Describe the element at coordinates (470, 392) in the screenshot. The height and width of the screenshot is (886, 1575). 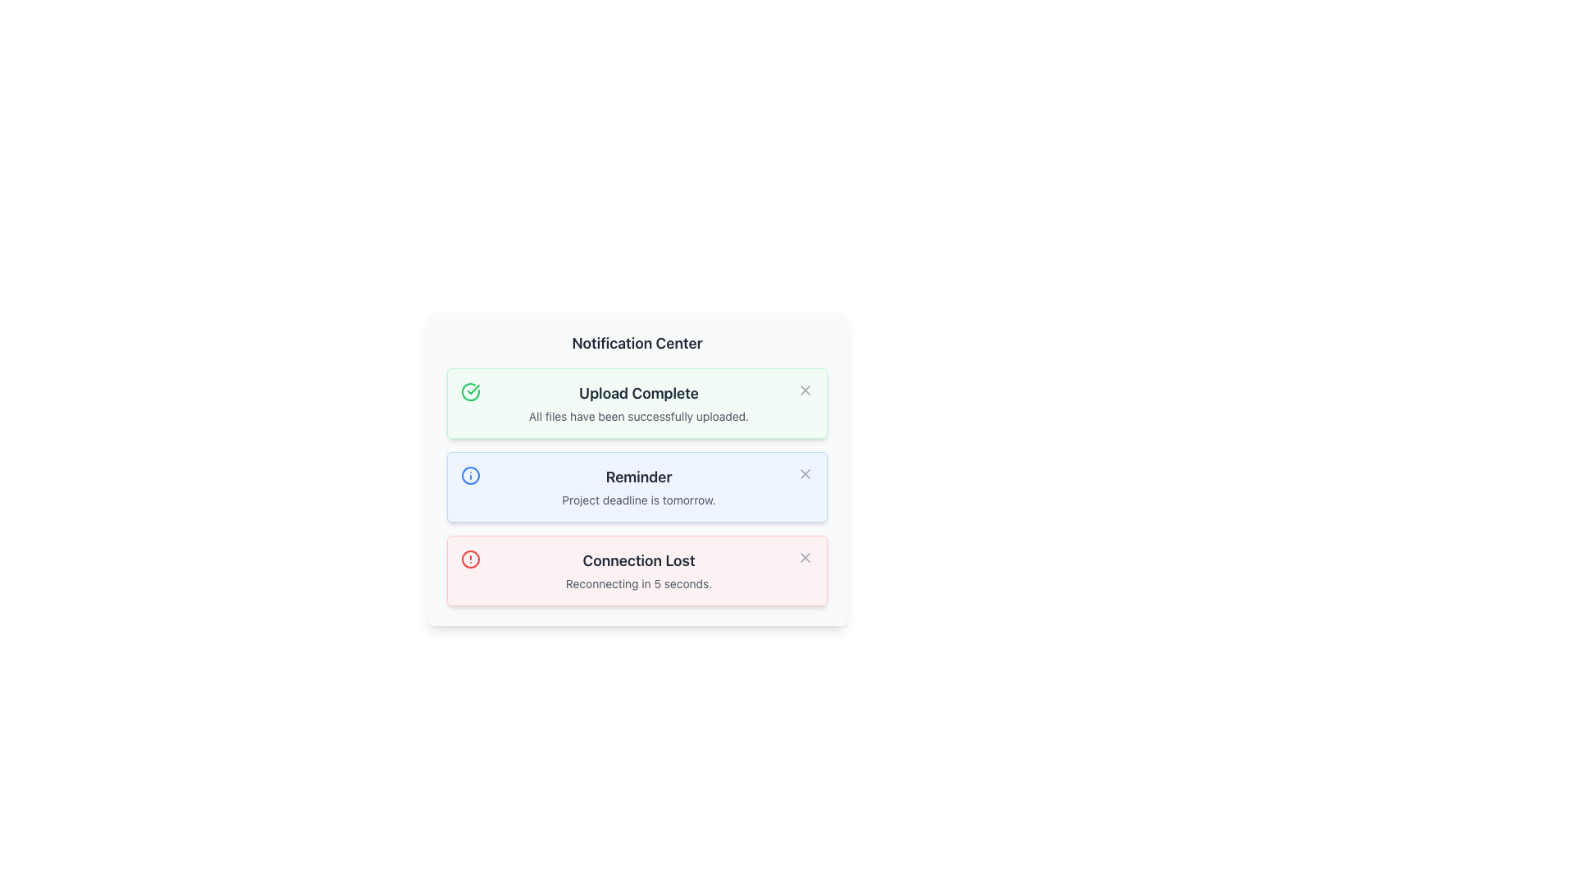
I see `the upload completion icon represented by a checkmark symbol, which is the first element on the left of the 'Upload Complete' notification bar` at that location.